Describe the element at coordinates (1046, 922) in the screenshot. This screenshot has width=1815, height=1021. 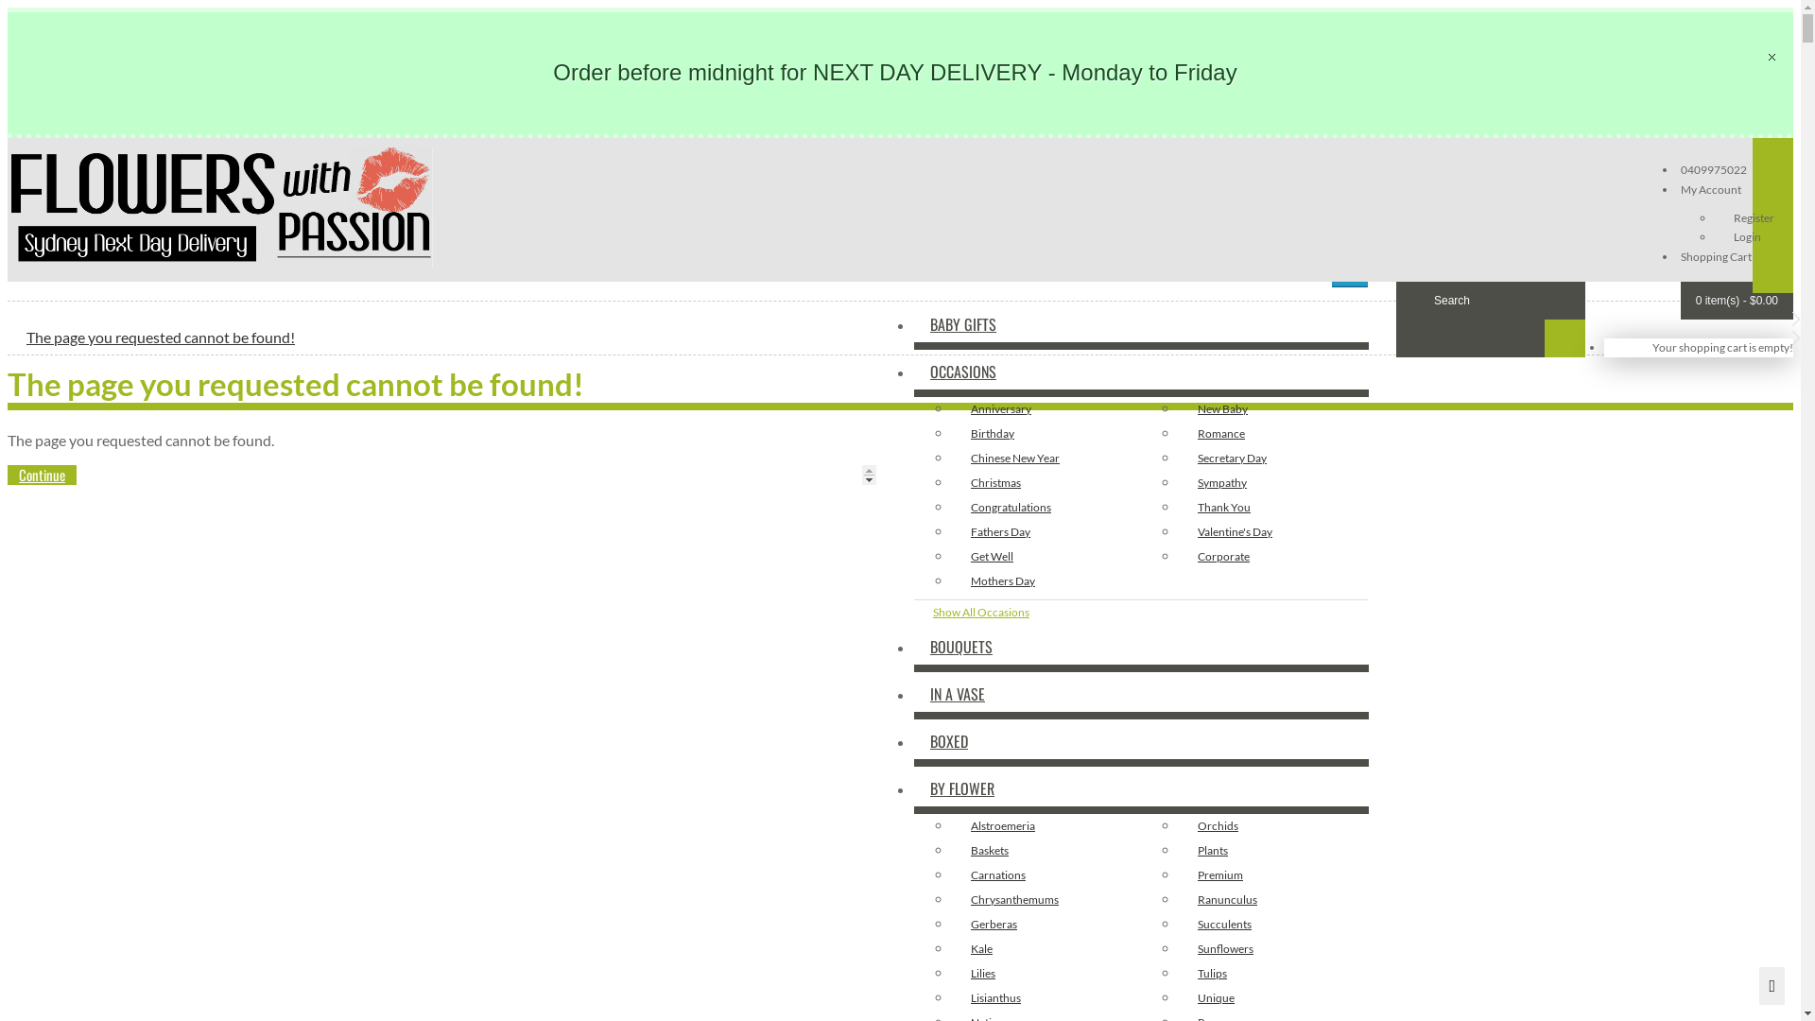
I see `'Gerberas'` at that location.